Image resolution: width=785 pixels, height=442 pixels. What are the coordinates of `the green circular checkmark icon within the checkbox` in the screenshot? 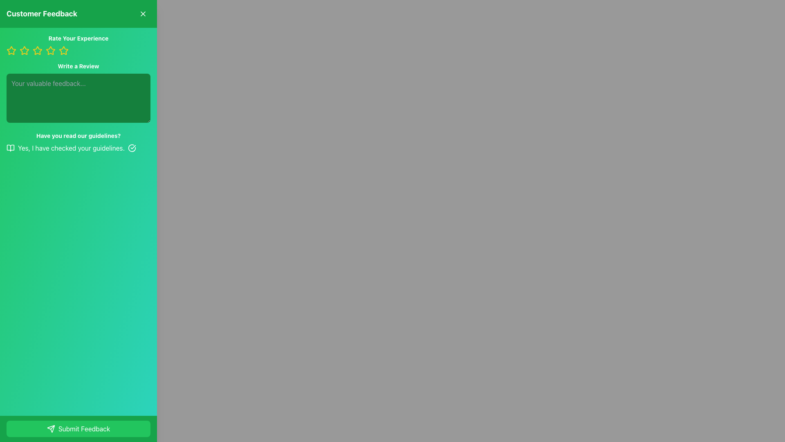 It's located at (132, 148).